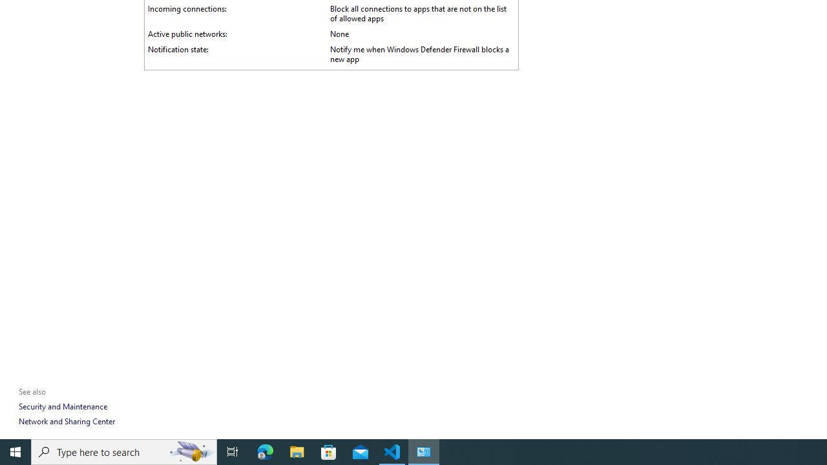 Image resolution: width=827 pixels, height=465 pixels. Describe the element at coordinates (16, 451) in the screenshot. I see `'Start'` at that location.